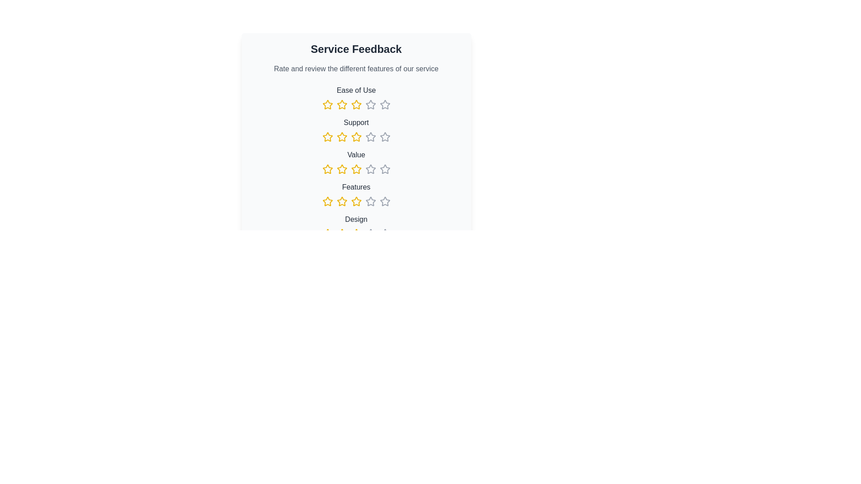  What do you see at coordinates (356, 137) in the screenshot?
I see `the fourth star from the left in the 'Support' rating row to trigger the tooltip or effect` at bounding box center [356, 137].